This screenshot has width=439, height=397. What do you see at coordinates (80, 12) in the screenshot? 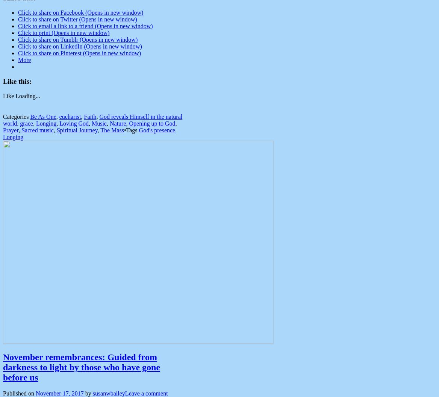
I see `'Click to share on Facebook (Opens in new window)'` at bounding box center [80, 12].